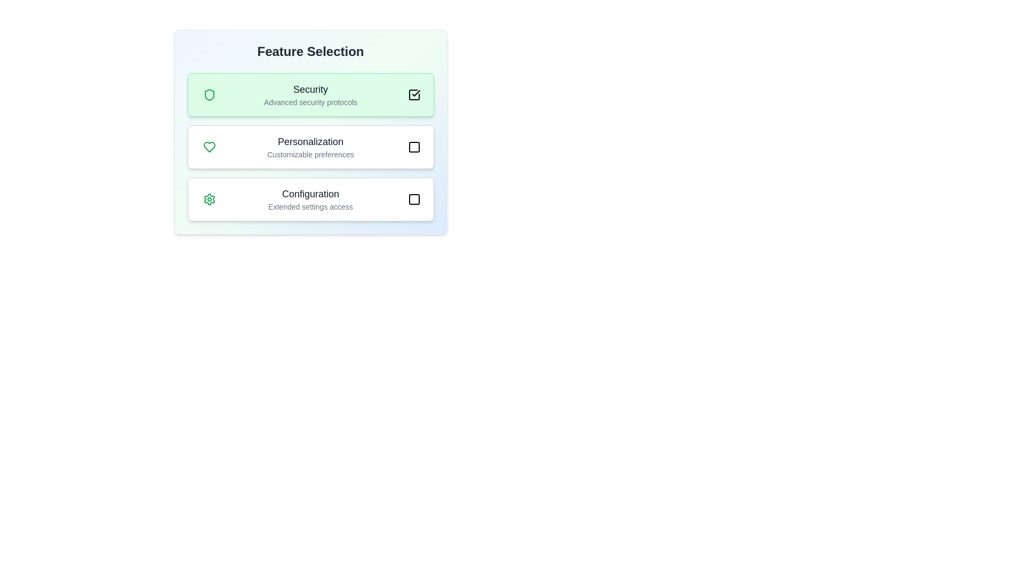 The height and width of the screenshot is (576, 1024). I want to click on the Static informational block titled 'Personalization' which contains the subtitle 'Customizable preferences' for further information, so click(310, 131).